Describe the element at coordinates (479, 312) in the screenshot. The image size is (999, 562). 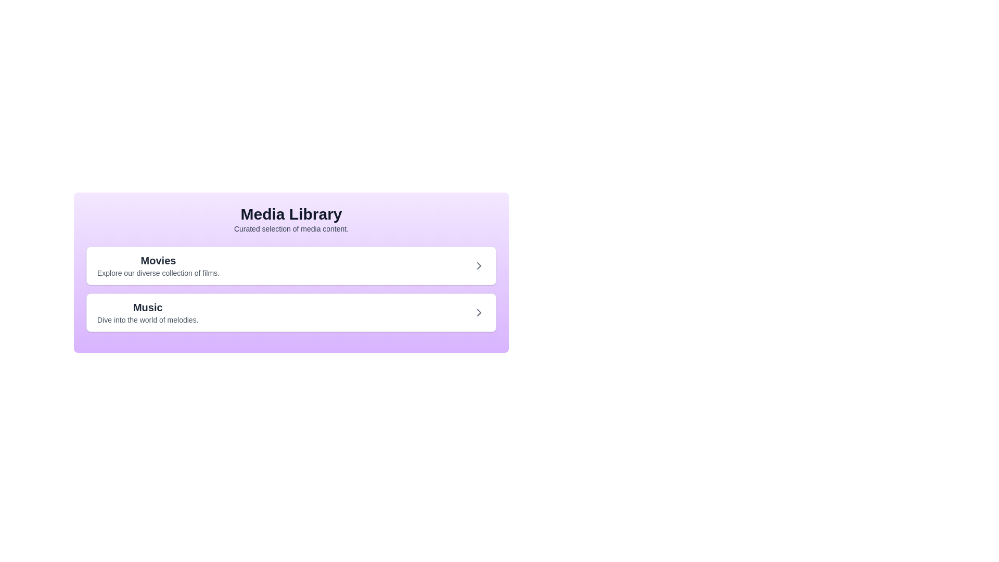
I see `the directional icon located at the far right of the 'Music' card, which indicates further details or actions related to music` at that location.